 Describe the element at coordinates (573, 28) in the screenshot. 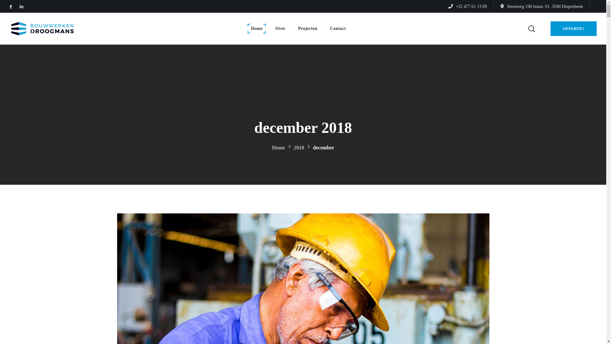

I see `'OFFERTE?'` at that location.